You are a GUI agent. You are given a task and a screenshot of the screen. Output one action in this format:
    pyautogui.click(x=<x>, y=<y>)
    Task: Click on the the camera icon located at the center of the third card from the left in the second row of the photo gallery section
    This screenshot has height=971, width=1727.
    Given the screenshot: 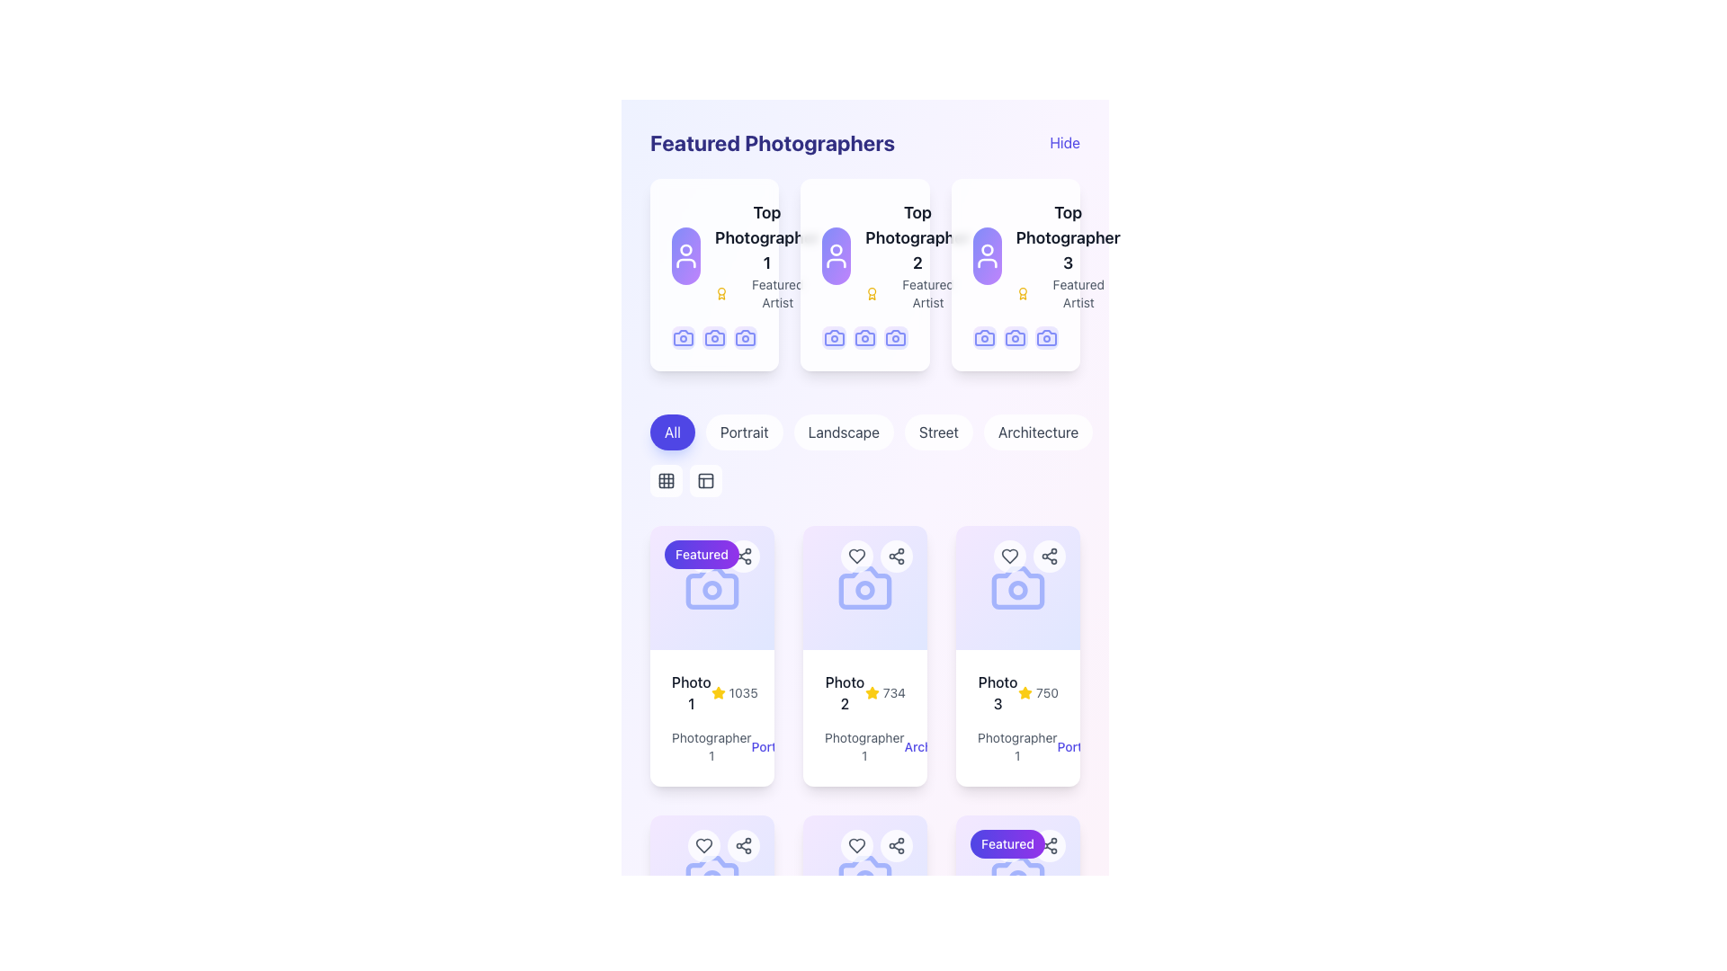 What is the action you would take?
    pyautogui.click(x=1018, y=588)
    